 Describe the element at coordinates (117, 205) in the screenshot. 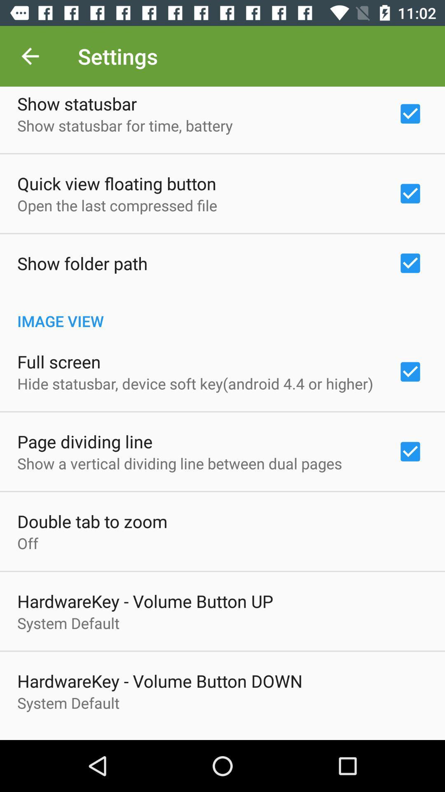

I see `the icon below quick view floating item` at that location.